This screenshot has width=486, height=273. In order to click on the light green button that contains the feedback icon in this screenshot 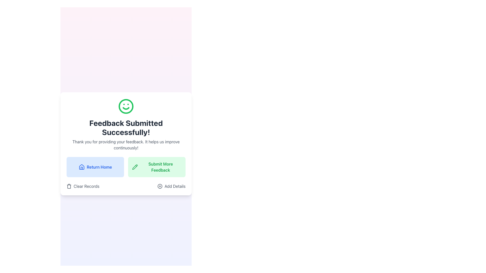, I will do `click(135, 167)`.